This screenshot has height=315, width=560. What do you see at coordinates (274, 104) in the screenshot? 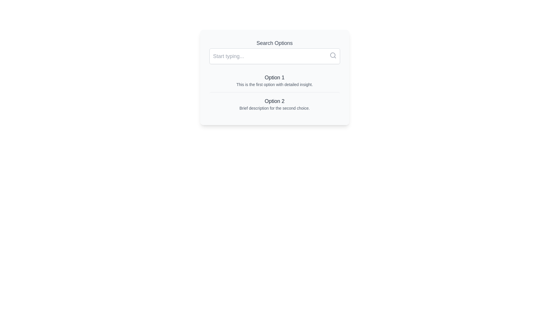
I see `the second option in the 'Search Options' list` at bounding box center [274, 104].